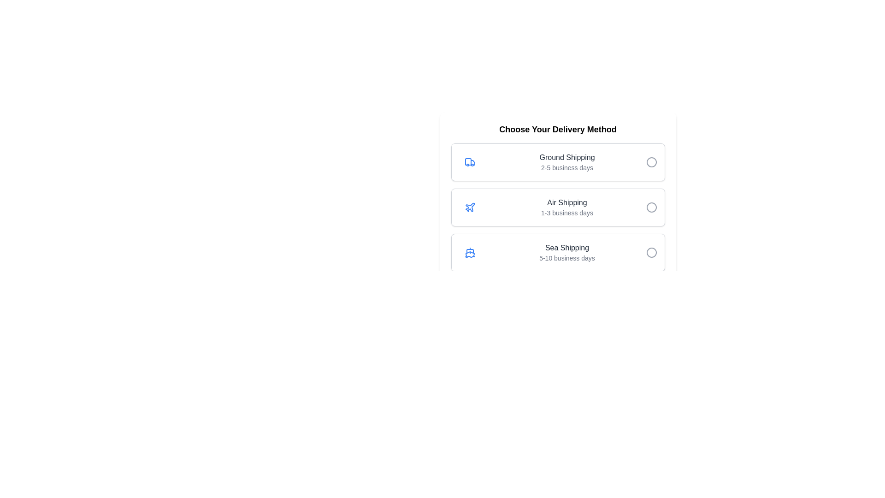 This screenshot has height=498, width=885. What do you see at coordinates (651, 252) in the screenshot?
I see `the unselected radio button located to the right of the 'Sea Shipping' delivery option in the list of shipping methods` at bounding box center [651, 252].